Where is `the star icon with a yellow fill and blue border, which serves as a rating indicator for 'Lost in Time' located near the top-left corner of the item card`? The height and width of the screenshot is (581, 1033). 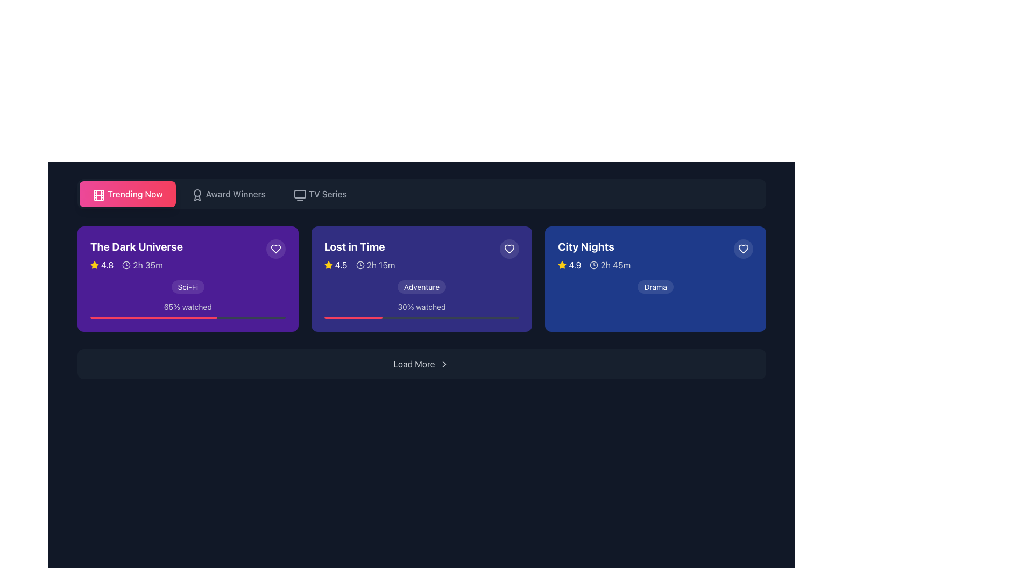 the star icon with a yellow fill and blue border, which serves as a rating indicator for 'Lost in Time' located near the top-left corner of the item card is located at coordinates (562, 265).